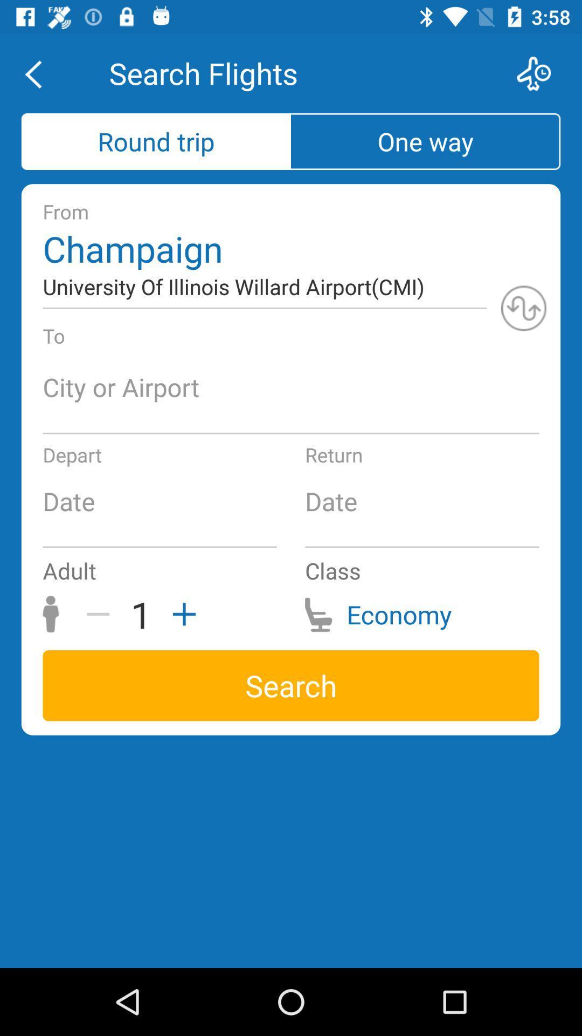 This screenshot has height=1036, width=582. What do you see at coordinates (156, 141) in the screenshot?
I see `round trip` at bounding box center [156, 141].